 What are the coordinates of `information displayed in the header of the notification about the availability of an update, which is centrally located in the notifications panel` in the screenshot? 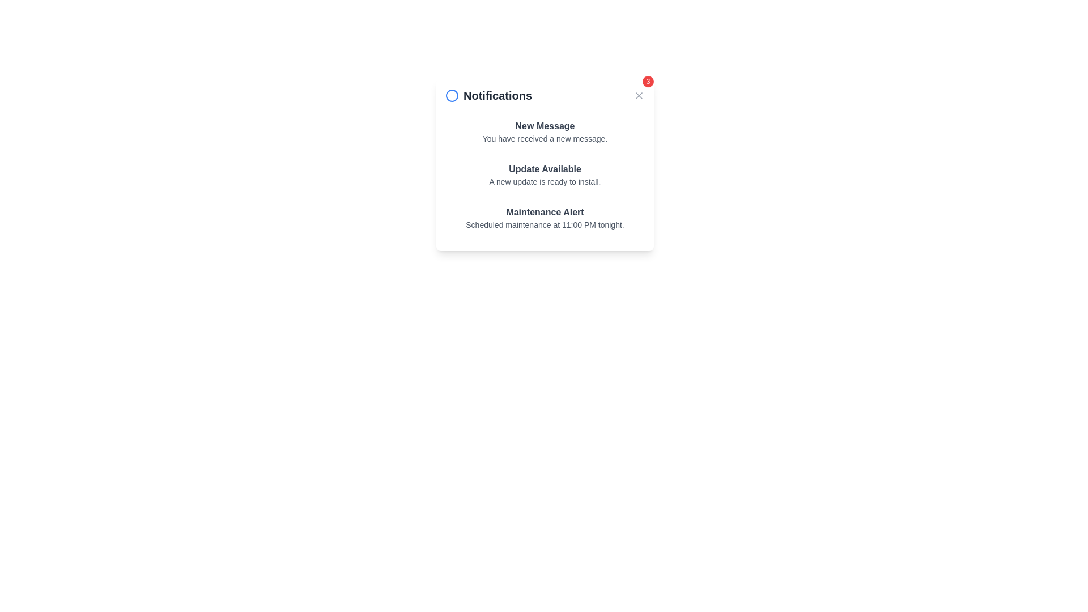 It's located at (545, 169).